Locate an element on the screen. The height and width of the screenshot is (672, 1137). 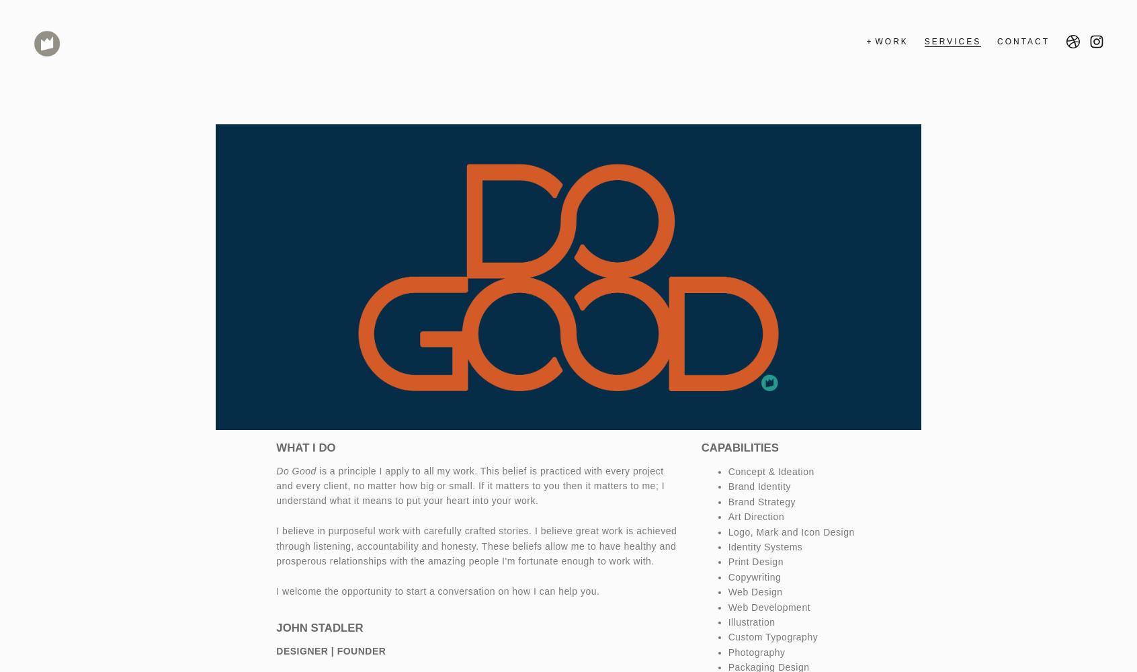
'I believe in purposeful work with carefully crafted stories. I believe great work is achieved through listening, accountability and honesty. These beliefs allow me to have healthy and prosperous relationships with the amazing people I'm fortunate enough to work with.' is located at coordinates (475, 546).